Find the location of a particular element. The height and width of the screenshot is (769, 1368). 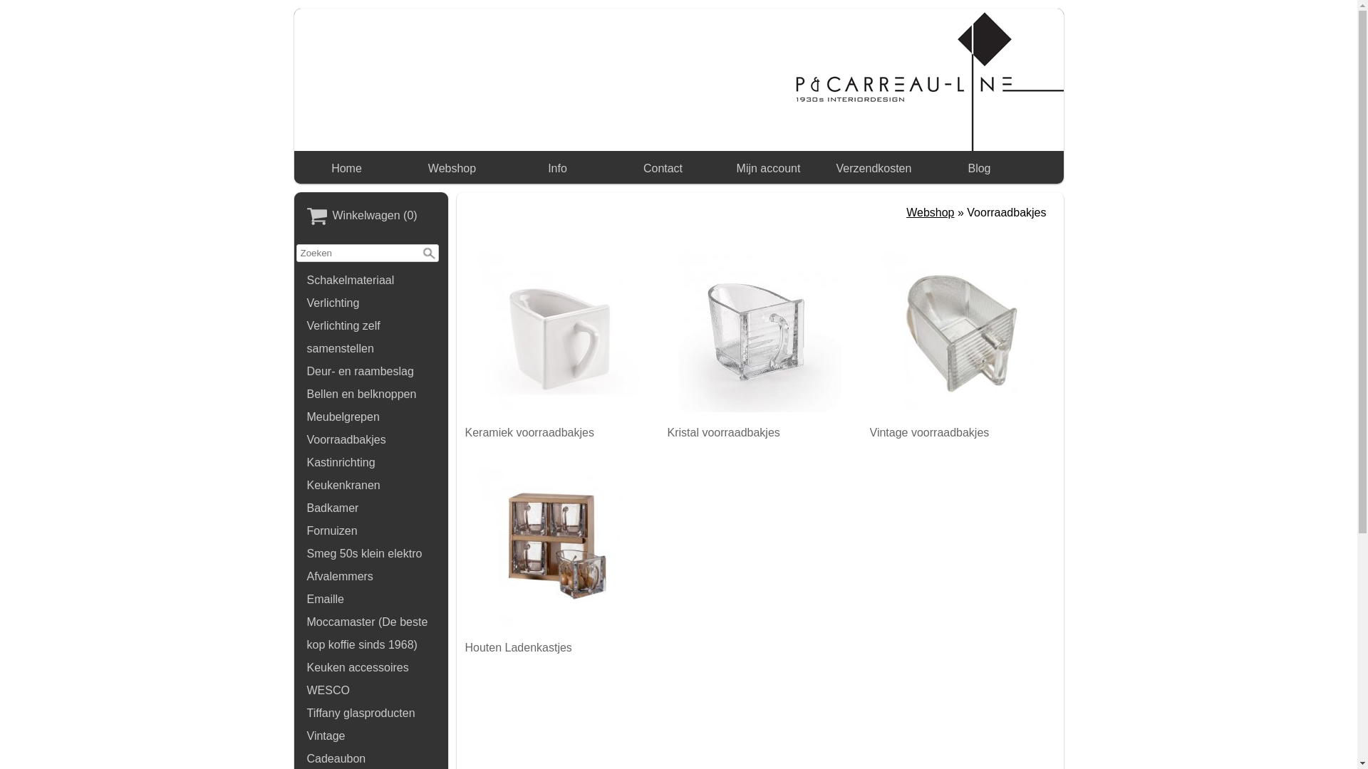

'Kastinrichting' is located at coordinates (371, 463).